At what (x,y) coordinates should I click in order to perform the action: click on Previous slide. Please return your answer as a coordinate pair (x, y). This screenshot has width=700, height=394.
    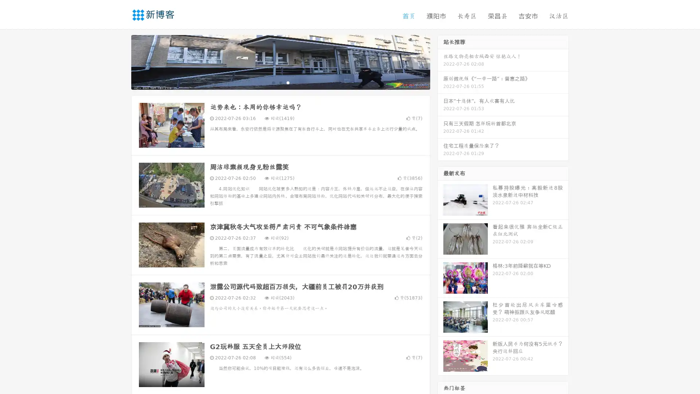
    Looking at the image, I should click on (120, 61).